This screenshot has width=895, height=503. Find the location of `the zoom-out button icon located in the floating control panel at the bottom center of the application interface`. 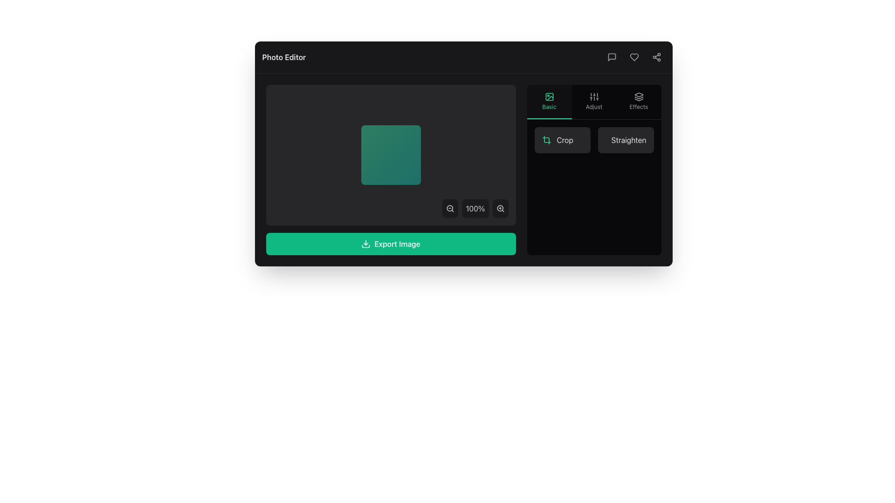

the zoom-out button icon located in the floating control panel at the bottom center of the application interface is located at coordinates (450, 208).